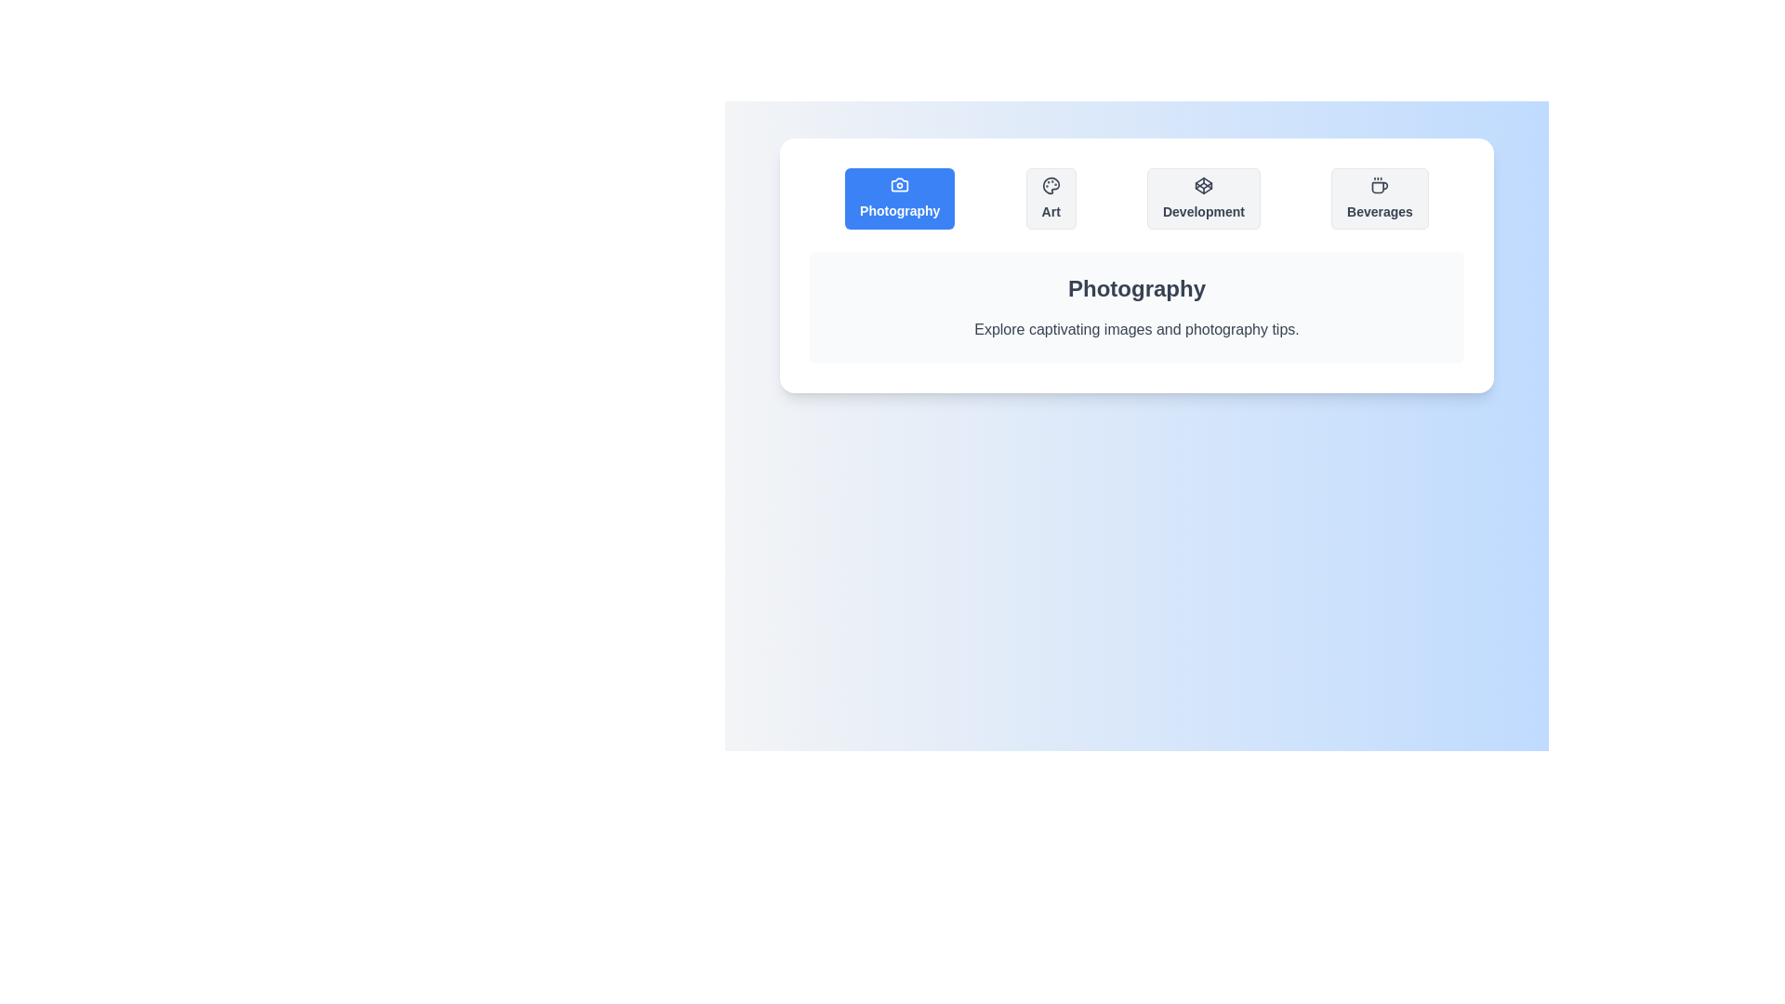 The height and width of the screenshot is (1004, 1785). What do you see at coordinates (1203, 198) in the screenshot?
I see `the tab labeled Development to observe styling changes` at bounding box center [1203, 198].